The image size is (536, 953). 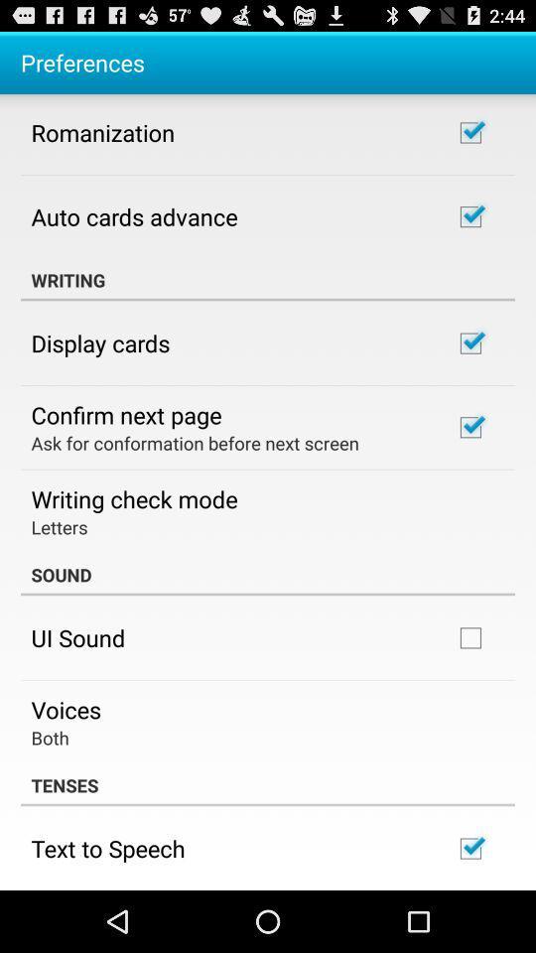 What do you see at coordinates (195, 443) in the screenshot?
I see `the icon above writing check mode icon` at bounding box center [195, 443].